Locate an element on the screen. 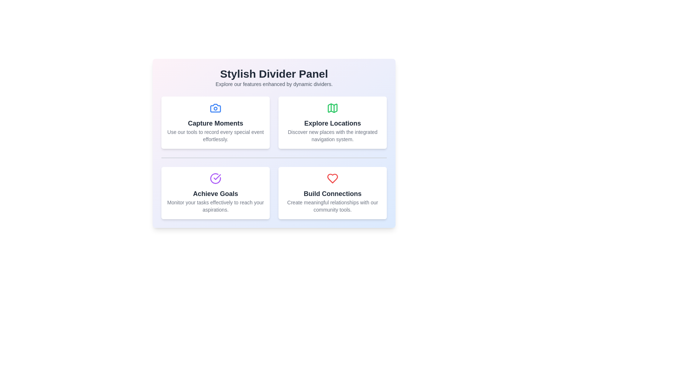 Image resolution: width=698 pixels, height=392 pixels. the camera icon with a blue outline located in the top-left card of a 2x2 grid, which is centered above the text 'Capture Moments' is located at coordinates (215, 108).